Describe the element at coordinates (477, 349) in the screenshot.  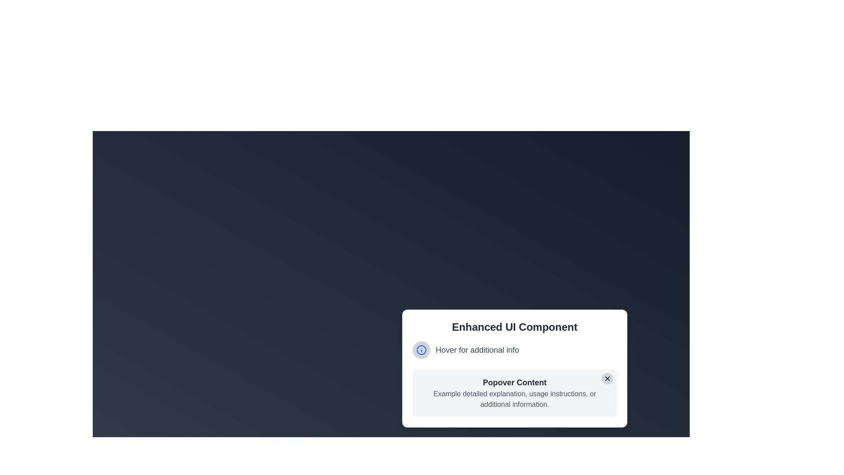
I see `the Text Label that reads 'Hover for additional info'` at that location.